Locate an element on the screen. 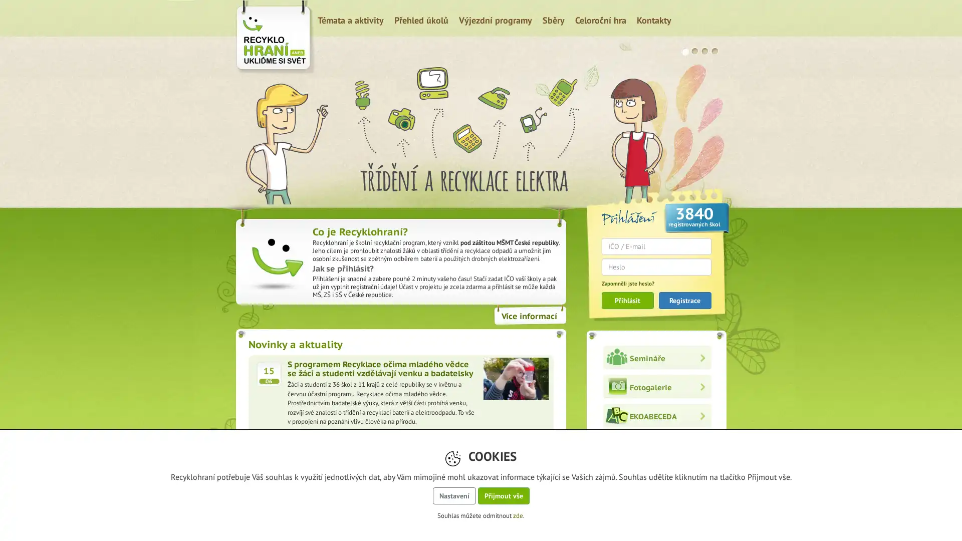 The image size is (962, 541). Nastaveni is located at coordinates (453, 496).